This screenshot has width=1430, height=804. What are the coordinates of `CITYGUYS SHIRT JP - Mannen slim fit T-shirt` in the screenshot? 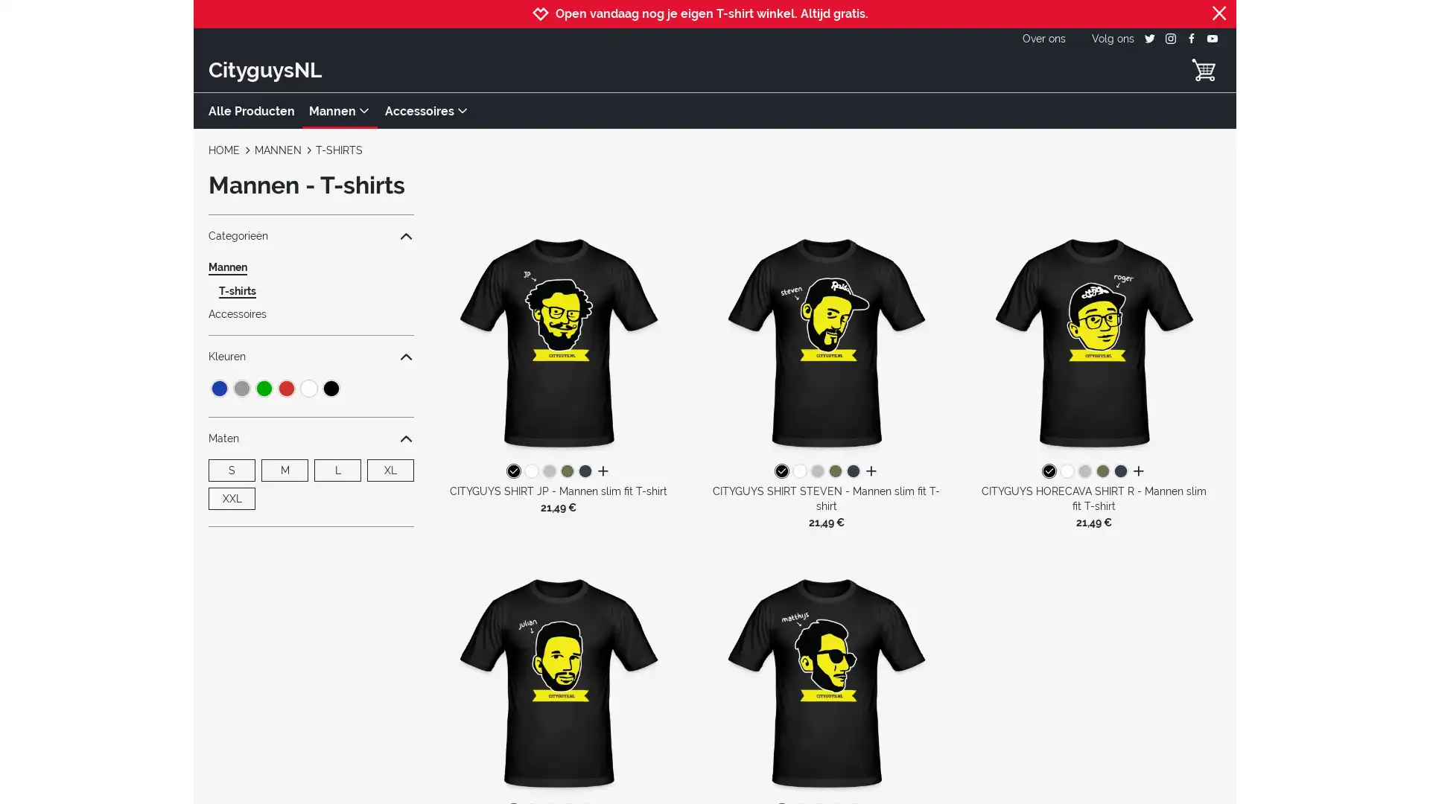 It's located at (557, 341).